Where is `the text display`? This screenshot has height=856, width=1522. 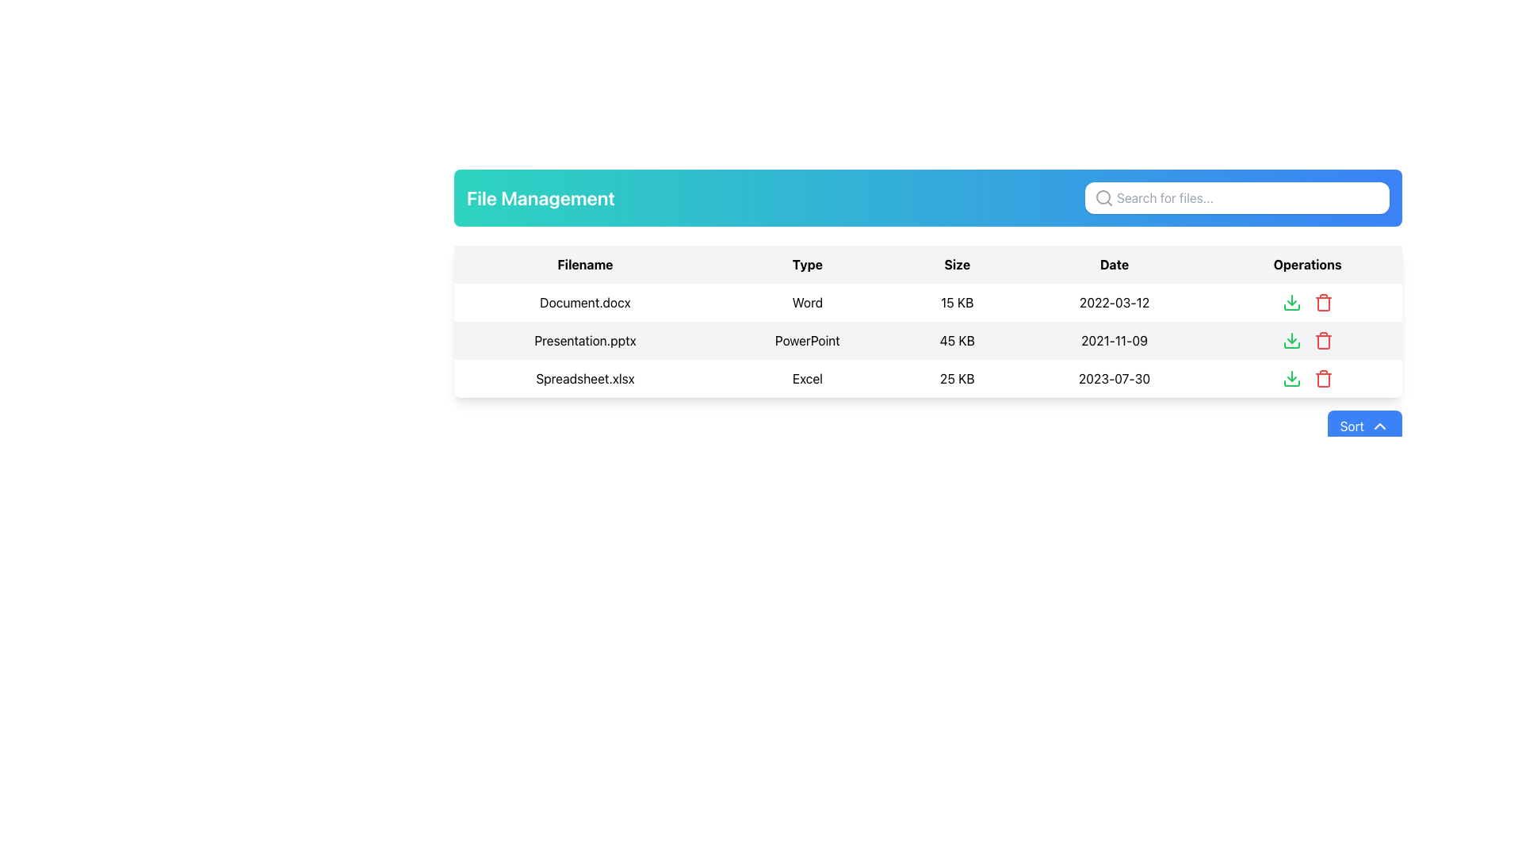 the text display is located at coordinates (956, 339).